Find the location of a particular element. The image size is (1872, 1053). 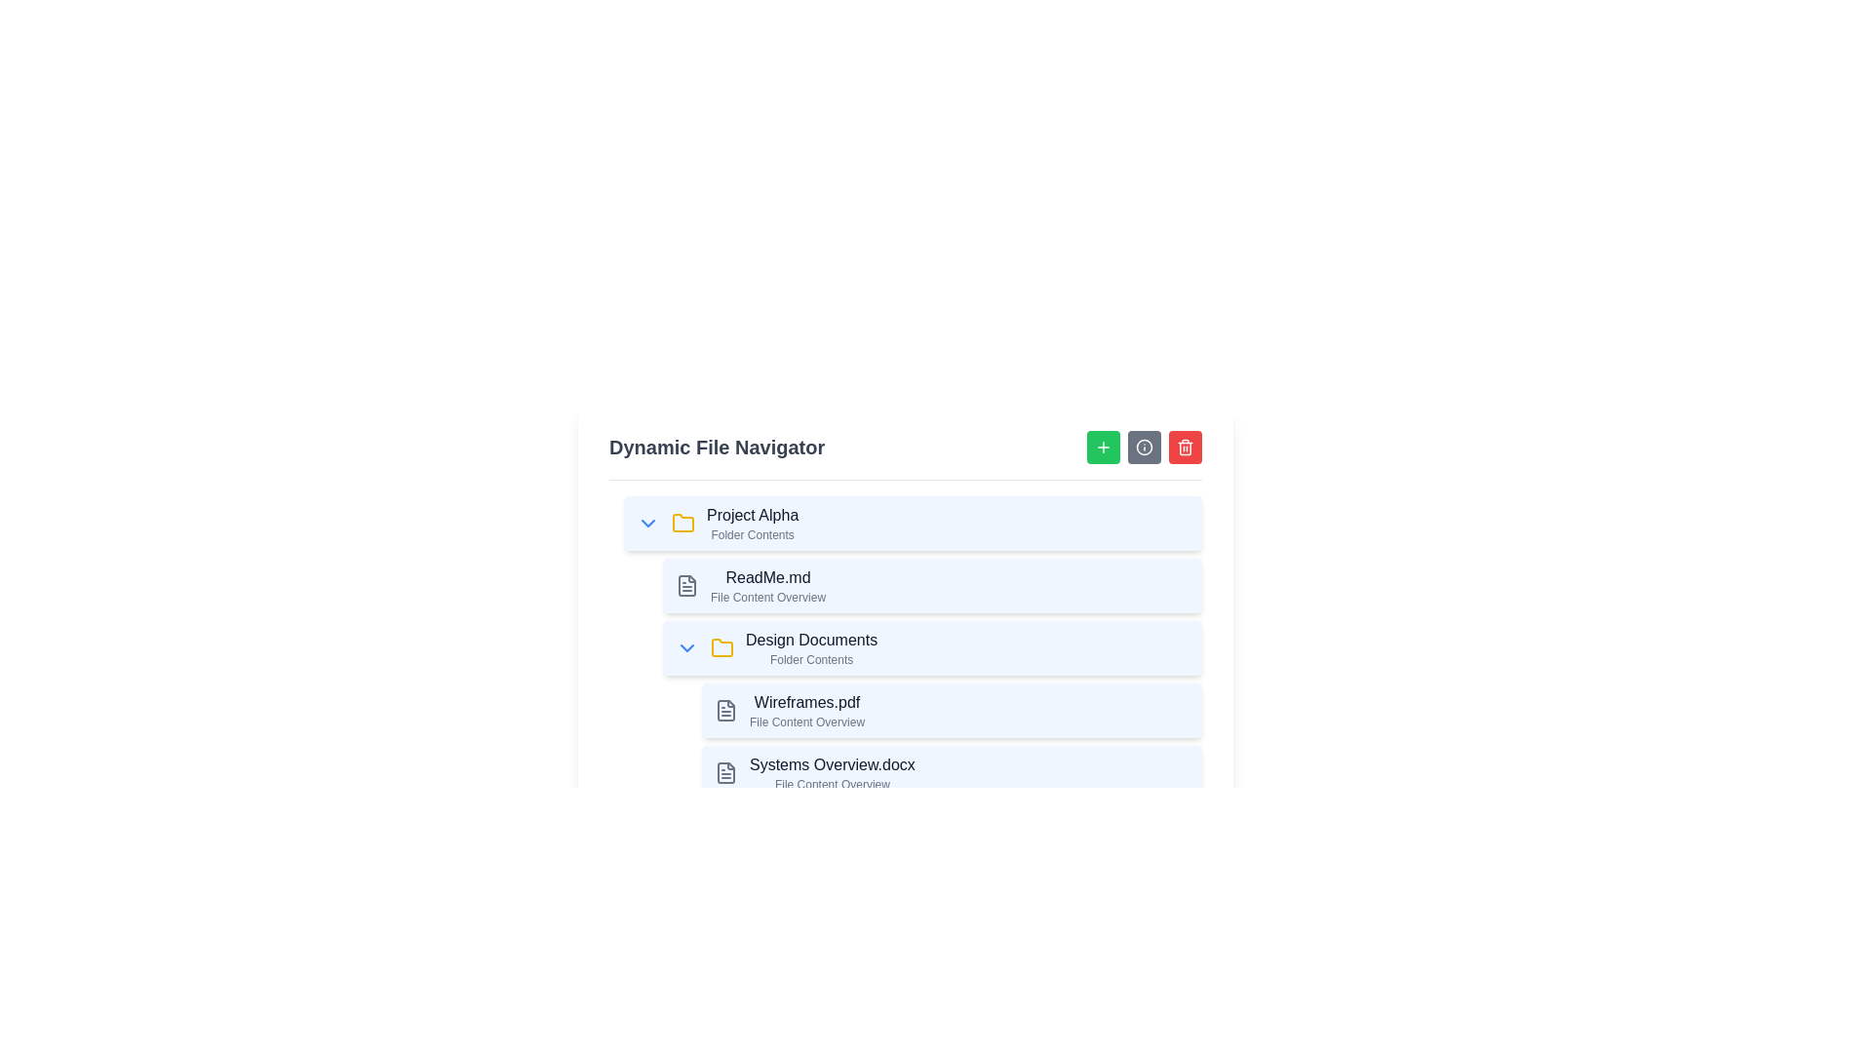

the 'Design Documents' and 'Folder Contents' text labels in the third interactive file row of the 'Dynamic File Navigator' interface is located at coordinates (811, 647).